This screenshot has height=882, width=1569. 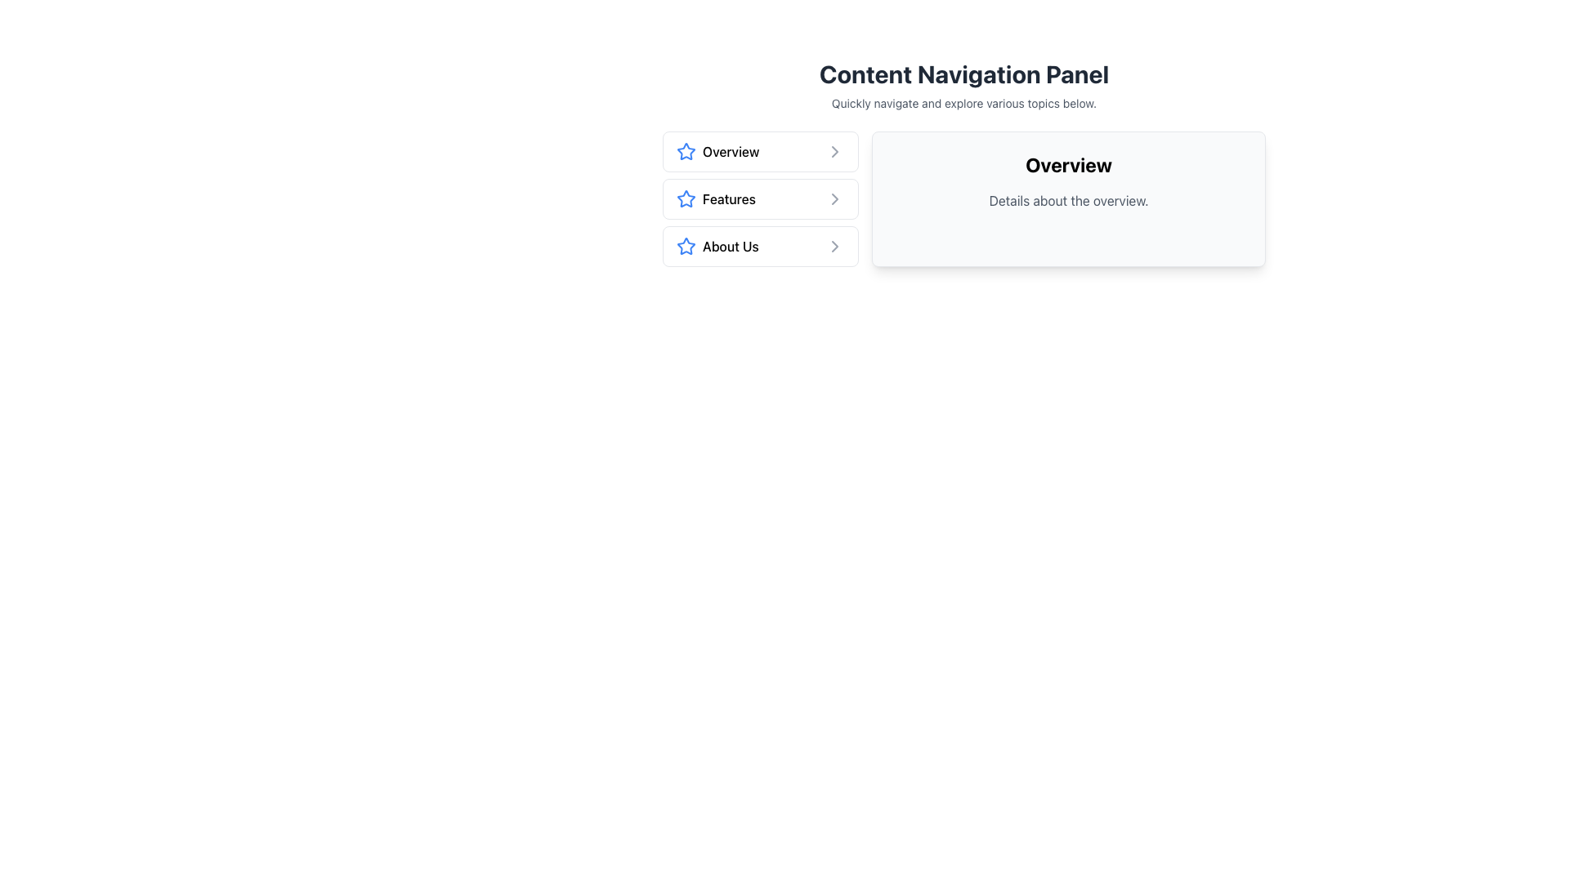 I want to click on the 'Overview' button at the top of the navigation panel, so click(x=760, y=151).